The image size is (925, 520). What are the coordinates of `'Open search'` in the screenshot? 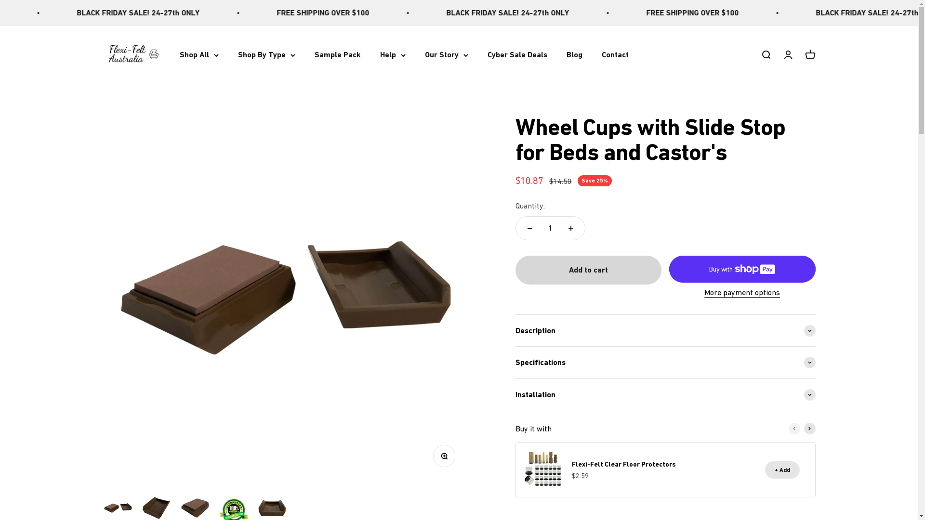 It's located at (765, 55).